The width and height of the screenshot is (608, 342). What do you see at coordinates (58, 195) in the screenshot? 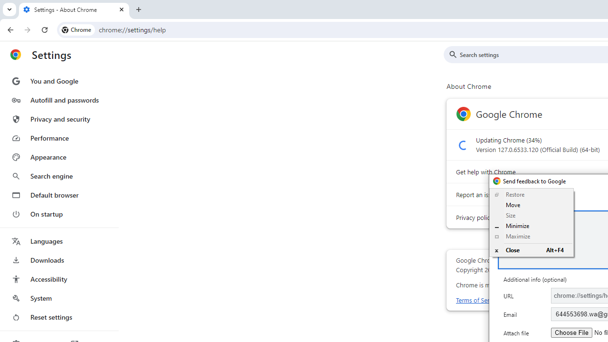
I see `'Default browser'` at bounding box center [58, 195].